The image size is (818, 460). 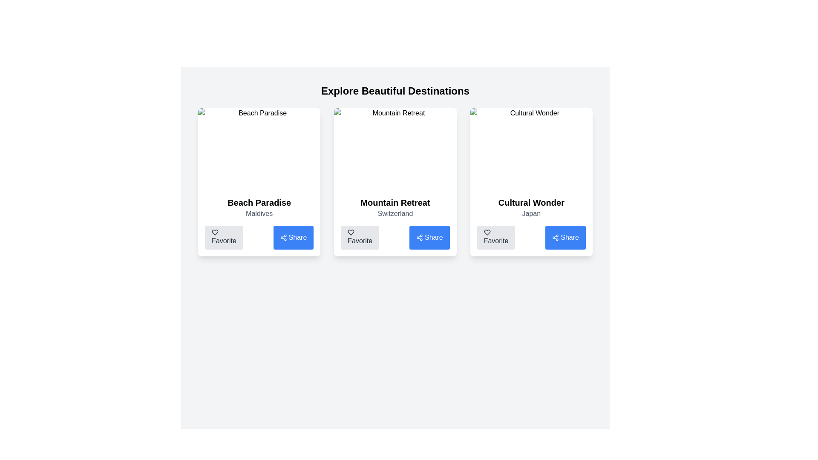 What do you see at coordinates (224, 238) in the screenshot?
I see `the button located in the bottom-left corner of the 'Beach Paradise, Maldives' card to mark it as a favorite` at bounding box center [224, 238].